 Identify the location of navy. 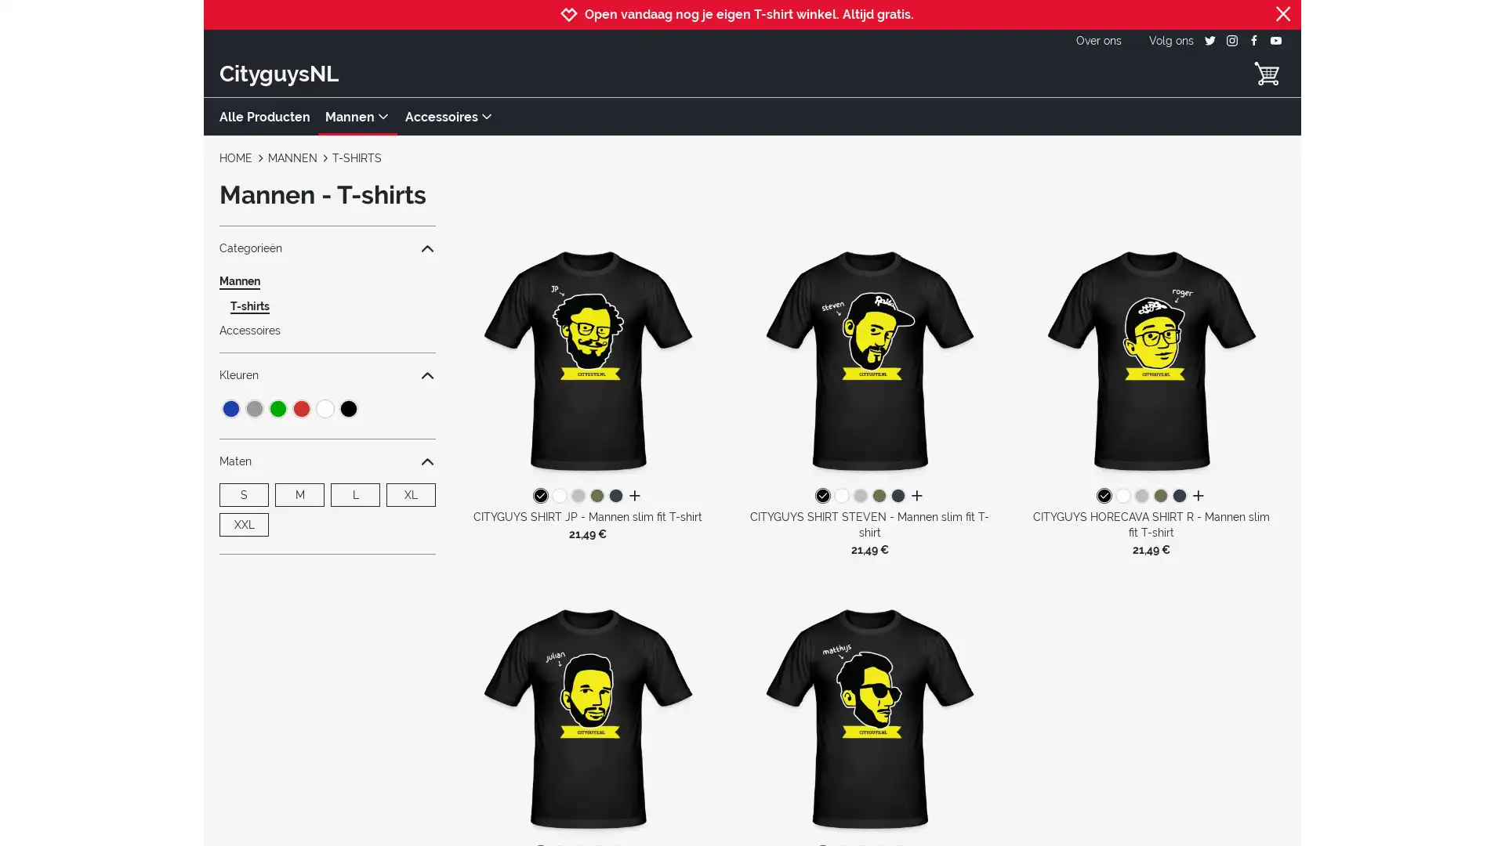
(615, 496).